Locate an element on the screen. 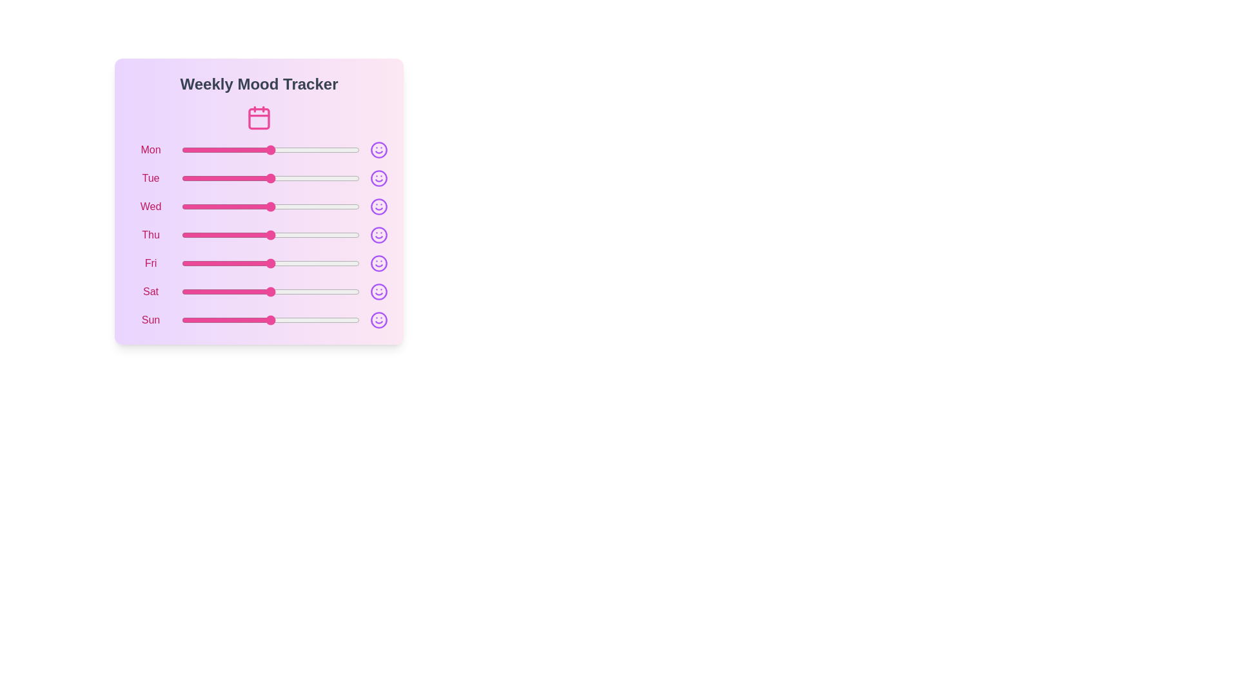 The height and width of the screenshot is (696, 1238). the calendar icon to display additional information is located at coordinates (259, 117).